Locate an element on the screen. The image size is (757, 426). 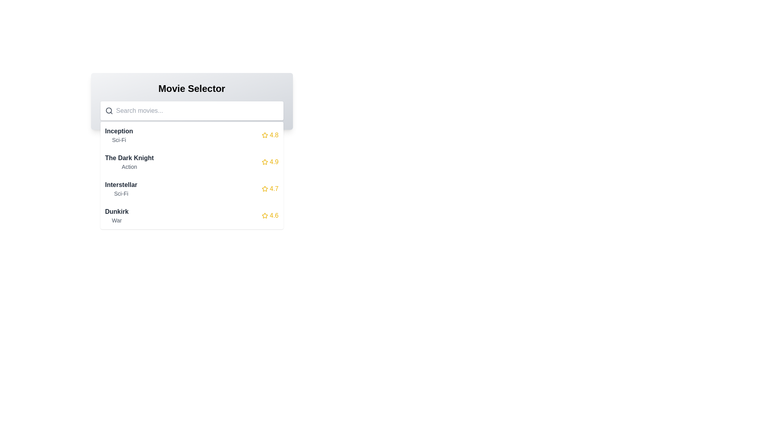
the rating element for the movie 'Dunkirk', which is represented by a numeric value and a star icon, located on the right side of the corresponding row in the movie list is located at coordinates (270, 216).